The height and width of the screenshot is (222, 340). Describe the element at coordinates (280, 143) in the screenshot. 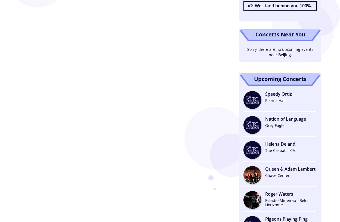

I see `'Helena Deland'` at that location.